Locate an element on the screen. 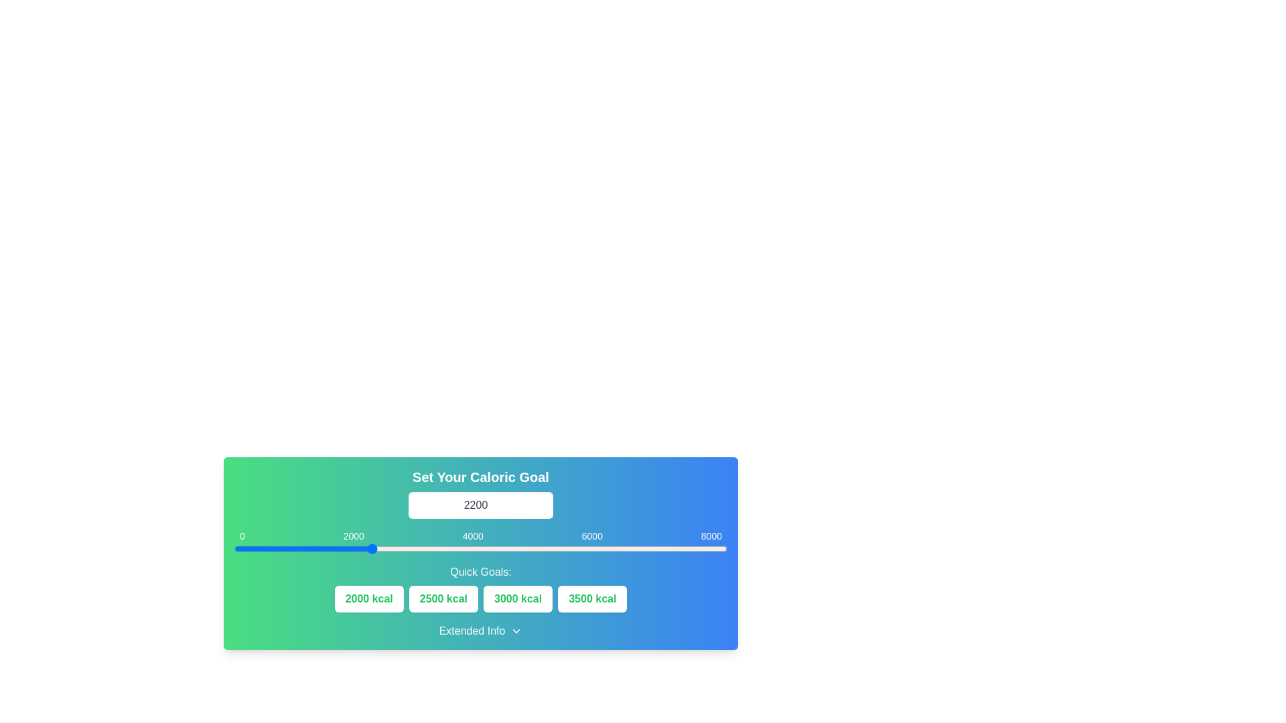 The height and width of the screenshot is (723, 1286). the Interactive and Display Panel for caloric goal settings to receive interactive feedback is located at coordinates (481, 553).